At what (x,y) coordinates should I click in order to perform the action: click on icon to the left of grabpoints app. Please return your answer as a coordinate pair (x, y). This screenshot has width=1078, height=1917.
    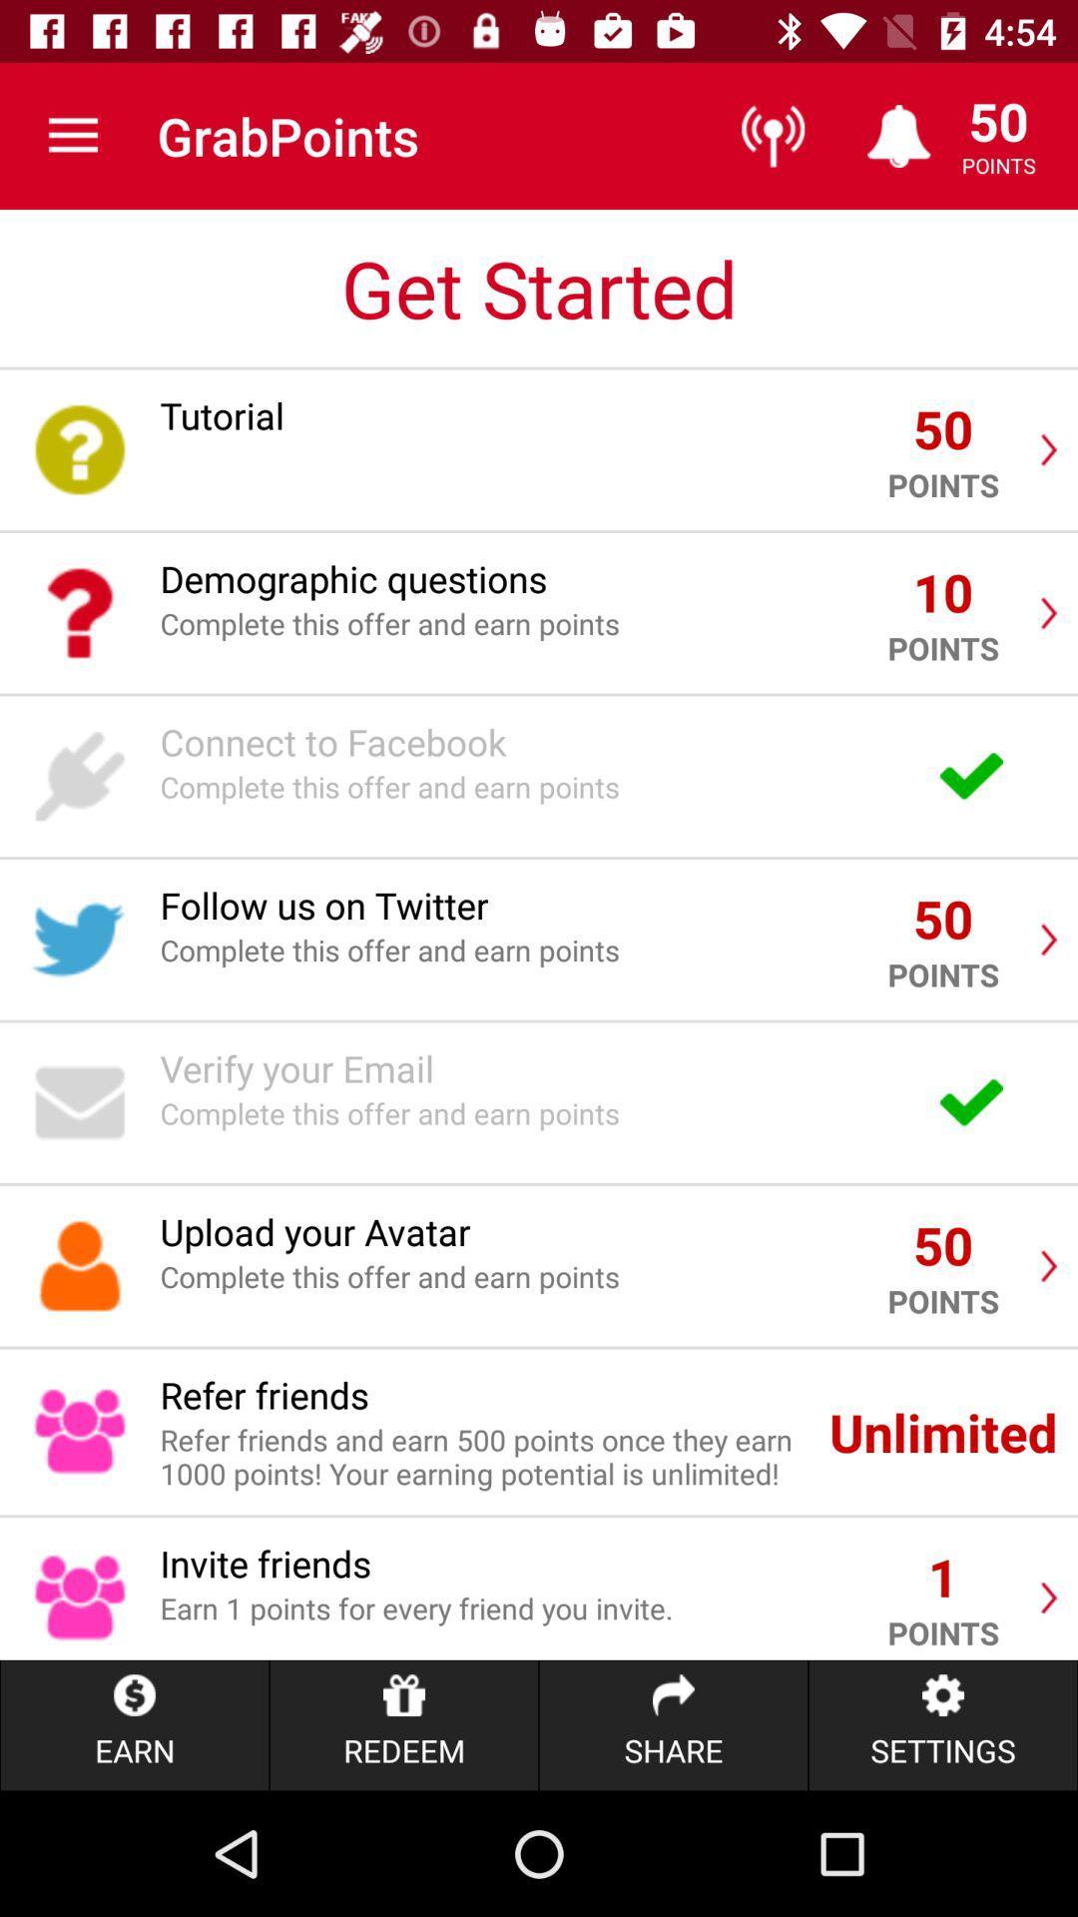
    Looking at the image, I should click on (72, 135).